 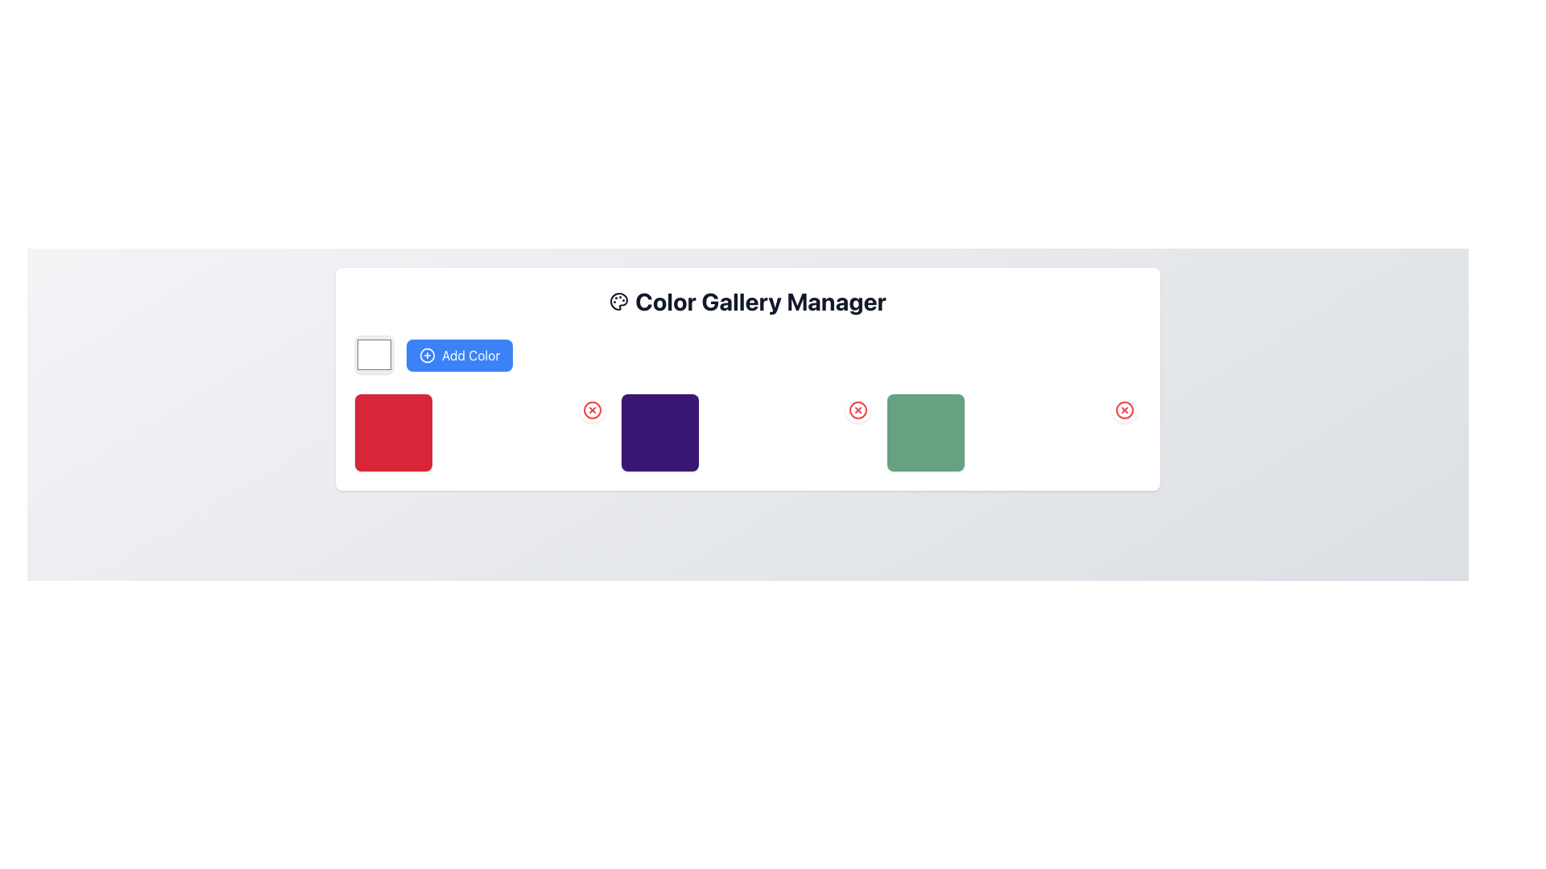 I want to click on the color palette icon located to the left of the 'Color Gallery Manager' label, so click(x=618, y=301).